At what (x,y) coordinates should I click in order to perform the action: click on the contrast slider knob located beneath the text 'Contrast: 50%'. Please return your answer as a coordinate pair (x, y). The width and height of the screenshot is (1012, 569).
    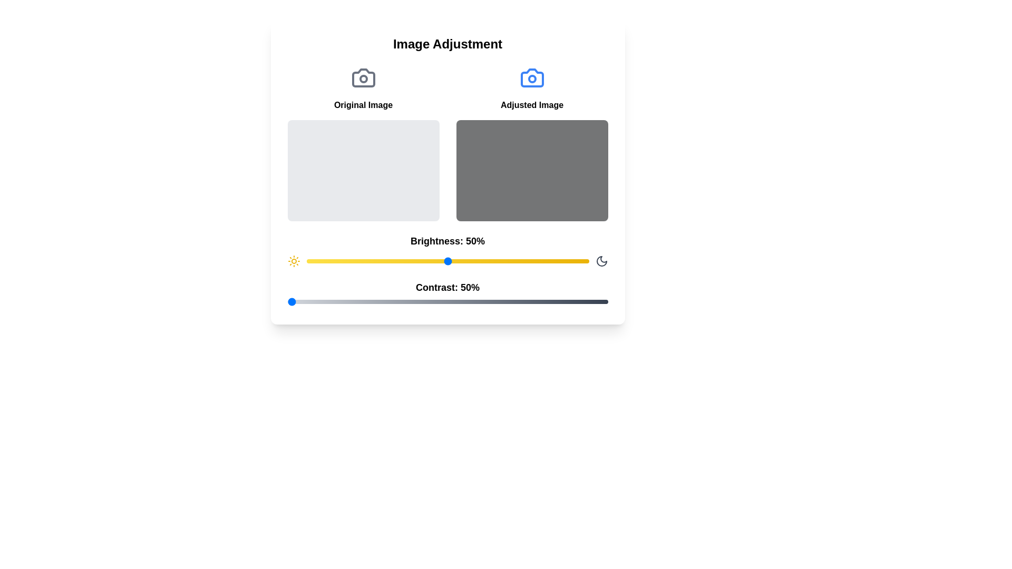
    Looking at the image, I should click on (447, 302).